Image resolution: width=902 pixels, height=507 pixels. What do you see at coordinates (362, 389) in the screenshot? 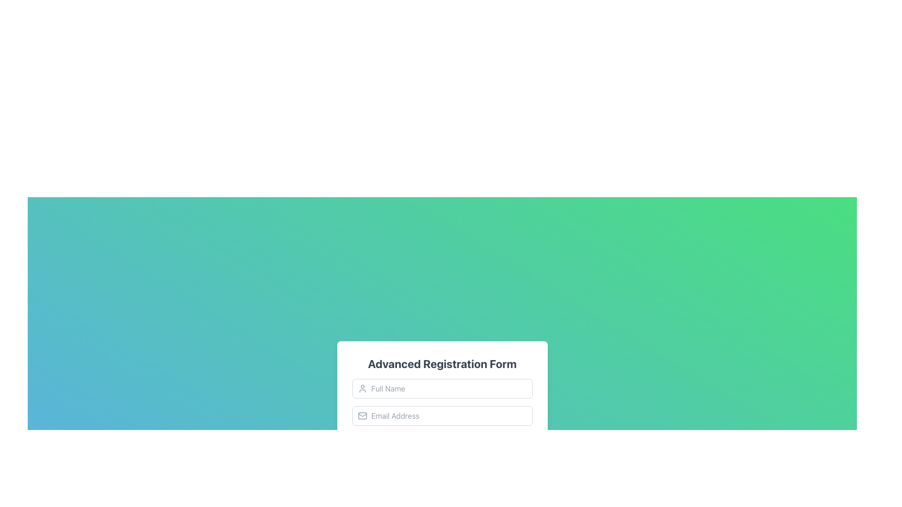
I see `the icon indicating the input field for entering a user's name, located within the 'Full Name' input field of the 'Advanced Registration Form' section` at bounding box center [362, 389].